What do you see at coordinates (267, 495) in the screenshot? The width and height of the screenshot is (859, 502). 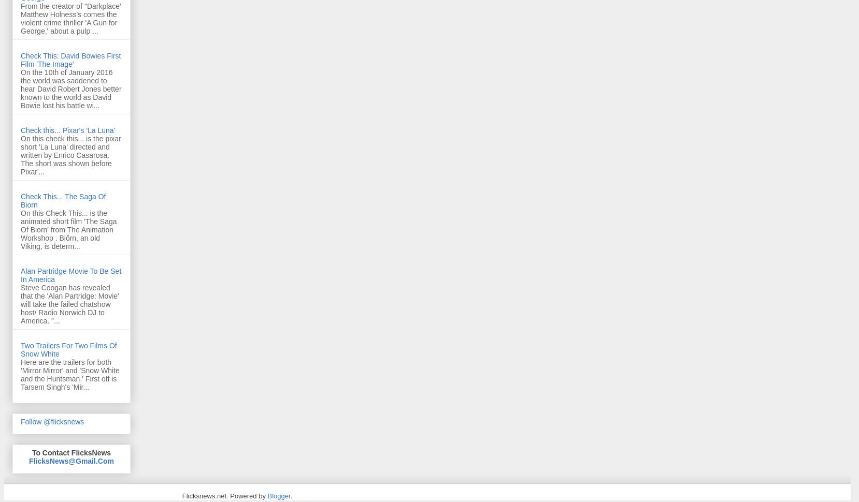 I see `'Blogger'` at bounding box center [267, 495].